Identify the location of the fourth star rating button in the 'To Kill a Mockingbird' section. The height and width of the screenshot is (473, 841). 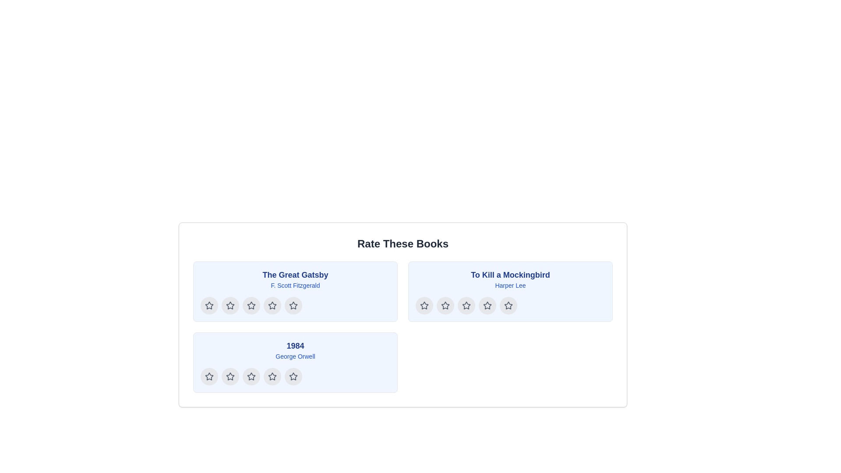
(487, 305).